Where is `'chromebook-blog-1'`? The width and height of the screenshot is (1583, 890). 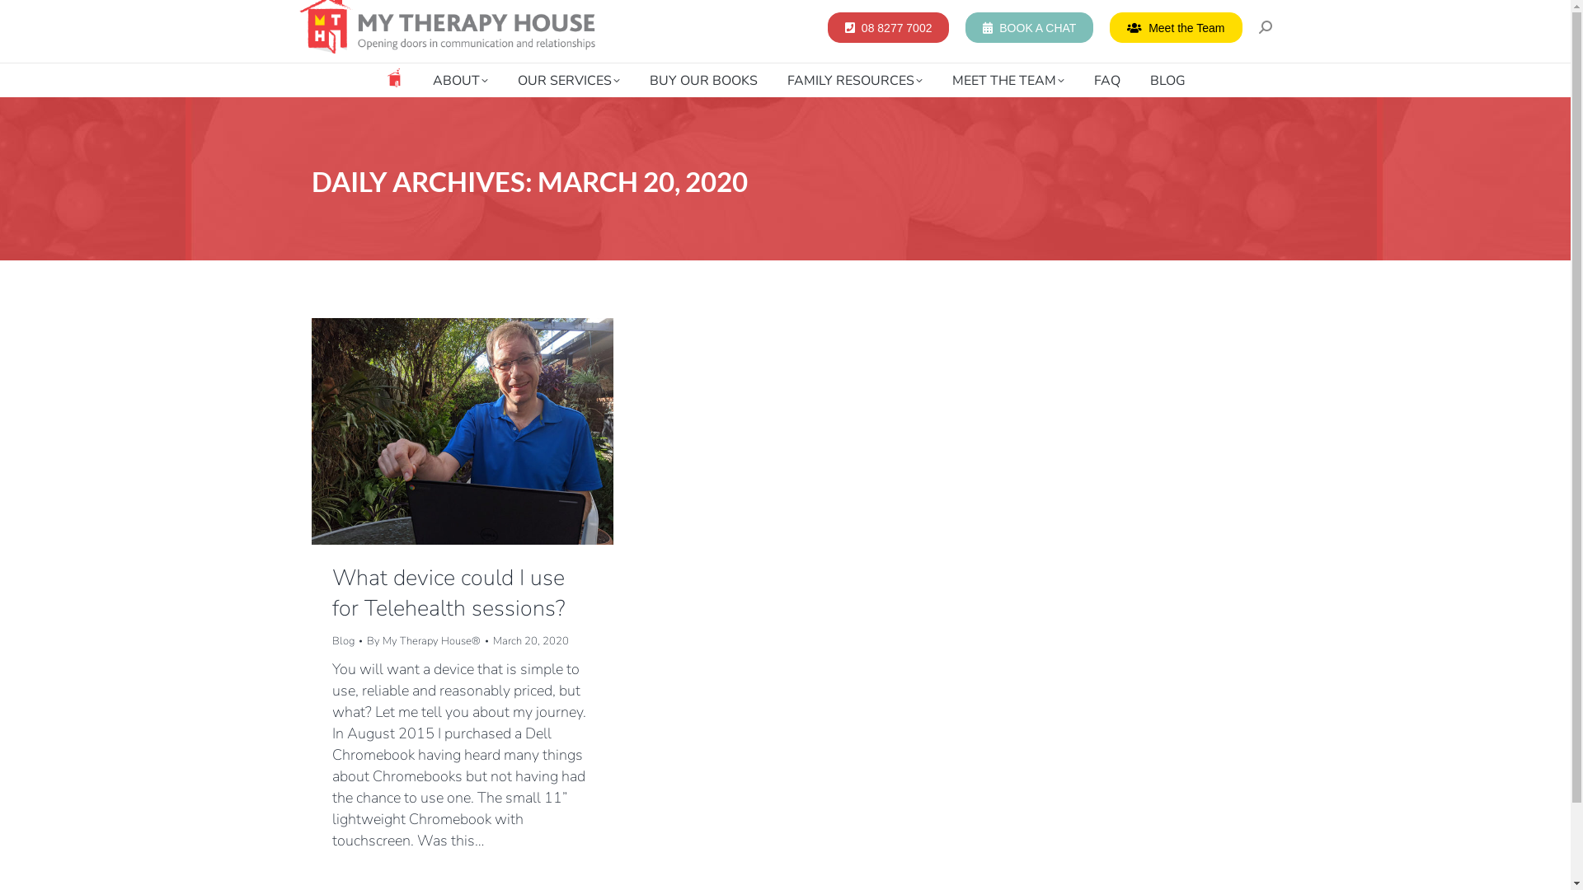 'chromebook-blog-1' is located at coordinates (462, 430).